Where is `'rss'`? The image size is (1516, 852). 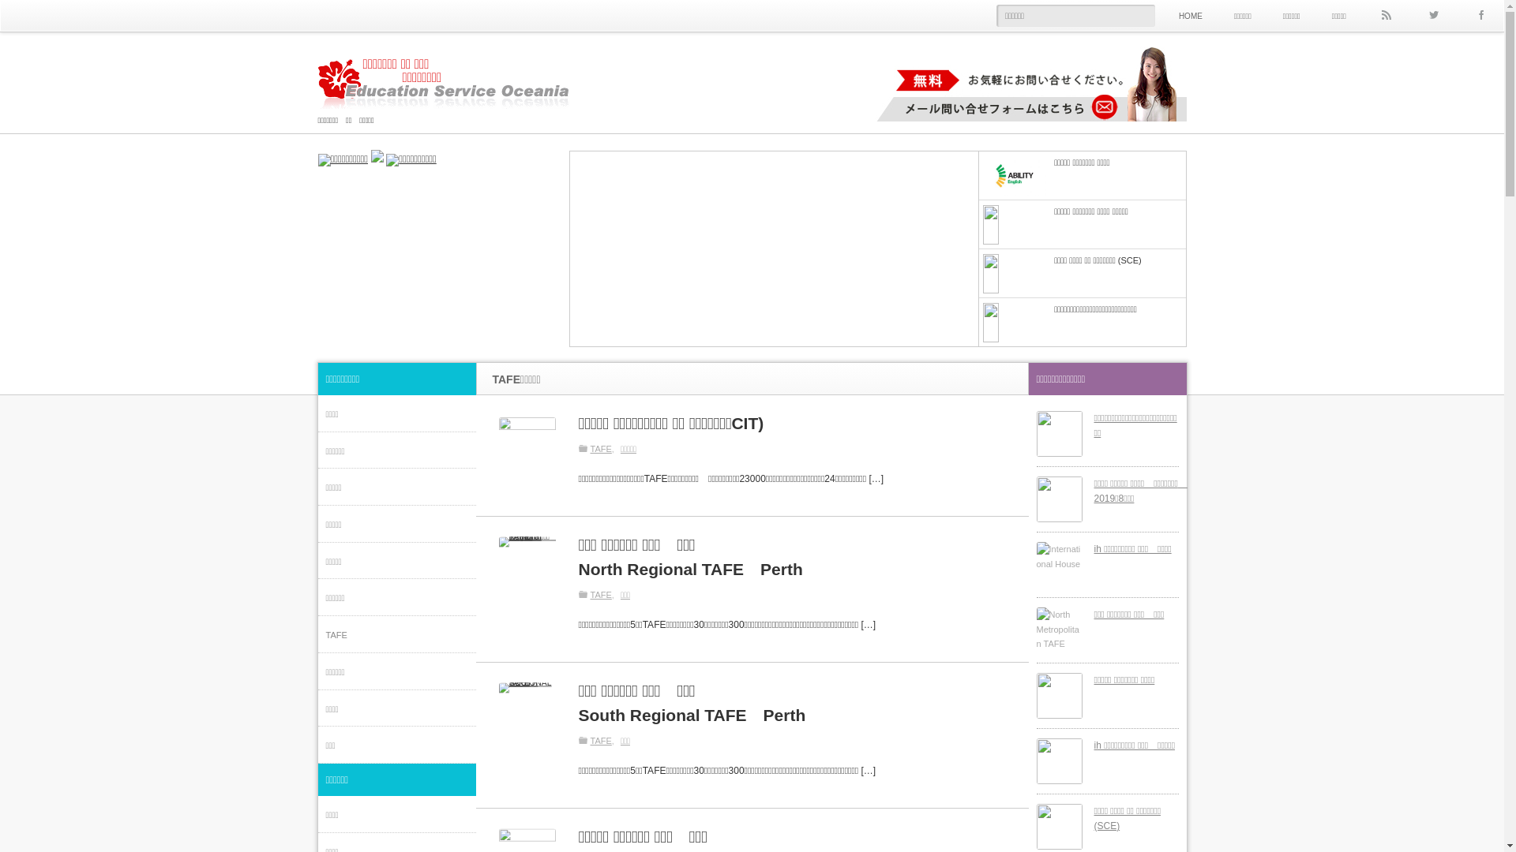 'rss' is located at coordinates (1385, 15).